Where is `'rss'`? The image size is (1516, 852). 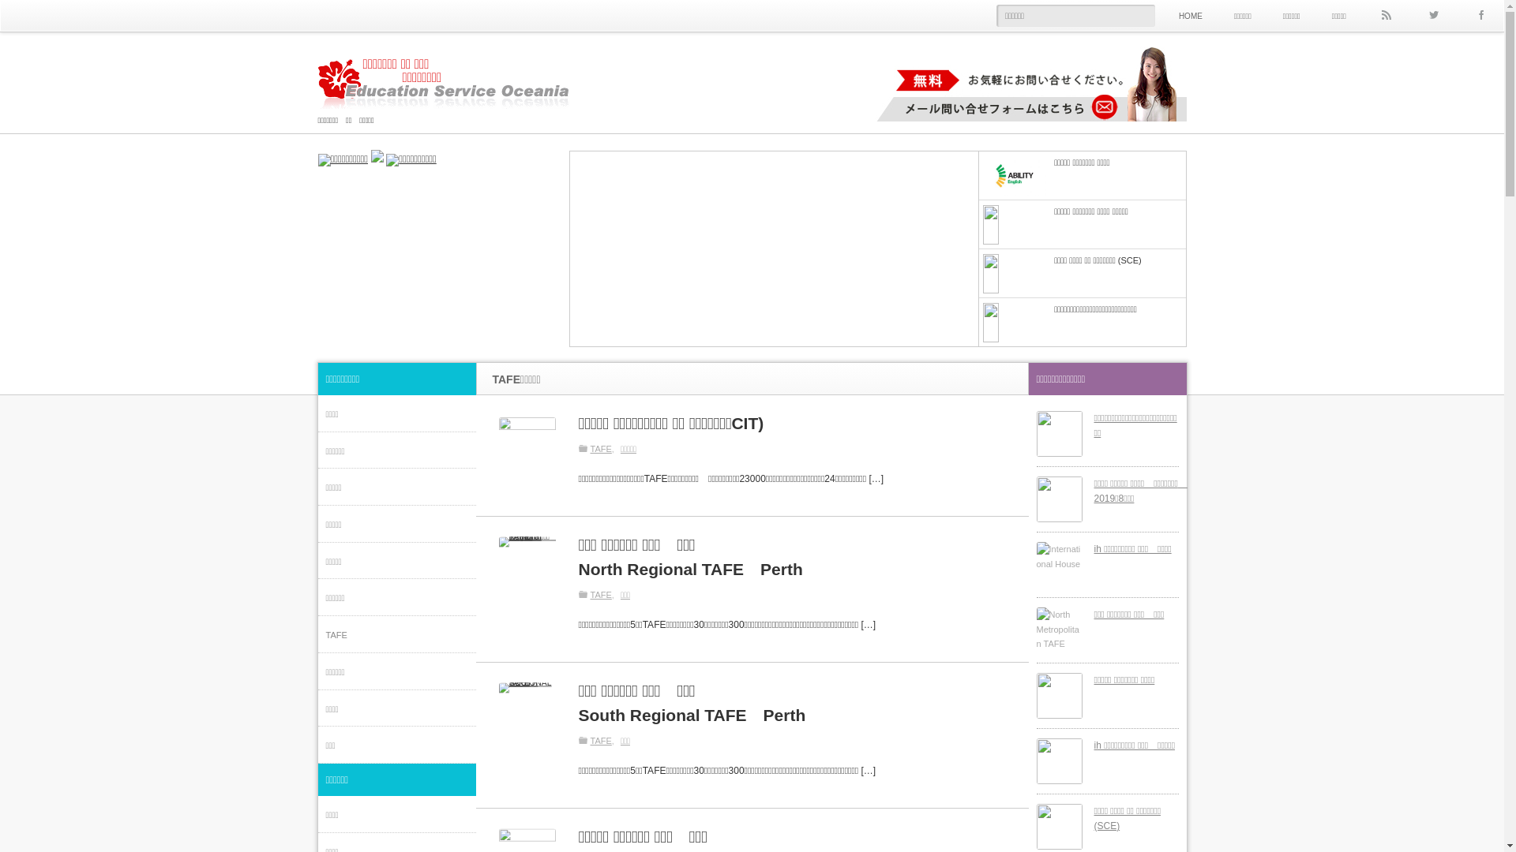 'rss' is located at coordinates (1385, 15).